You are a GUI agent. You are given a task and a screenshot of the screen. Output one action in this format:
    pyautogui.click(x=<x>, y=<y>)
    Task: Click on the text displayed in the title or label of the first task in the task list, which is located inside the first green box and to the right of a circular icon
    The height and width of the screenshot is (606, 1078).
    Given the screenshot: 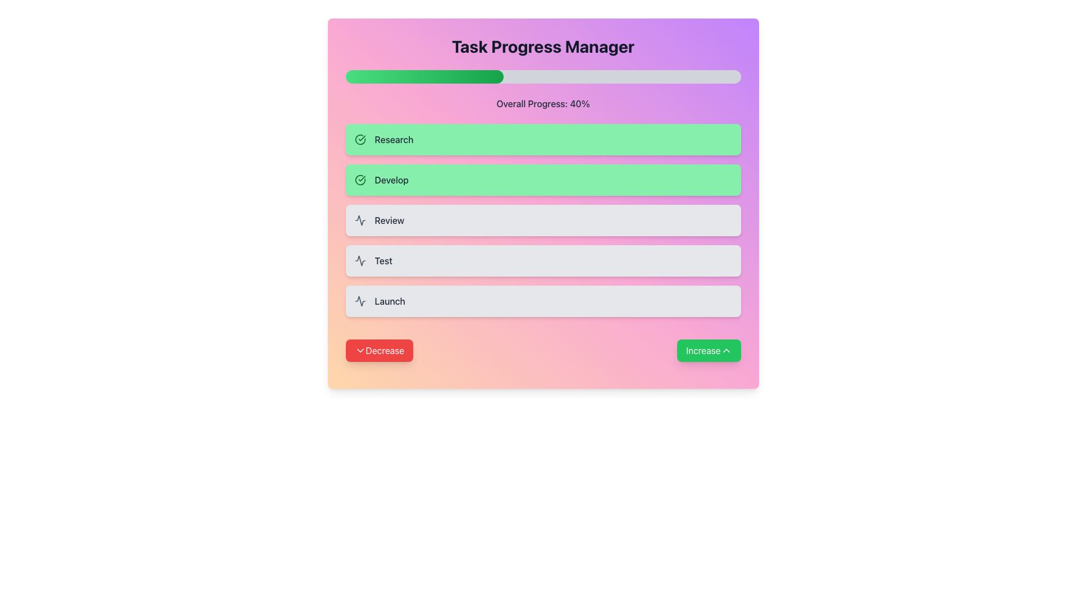 What is the action you would take?
    pyautogui.click(x=394, y=139)
    